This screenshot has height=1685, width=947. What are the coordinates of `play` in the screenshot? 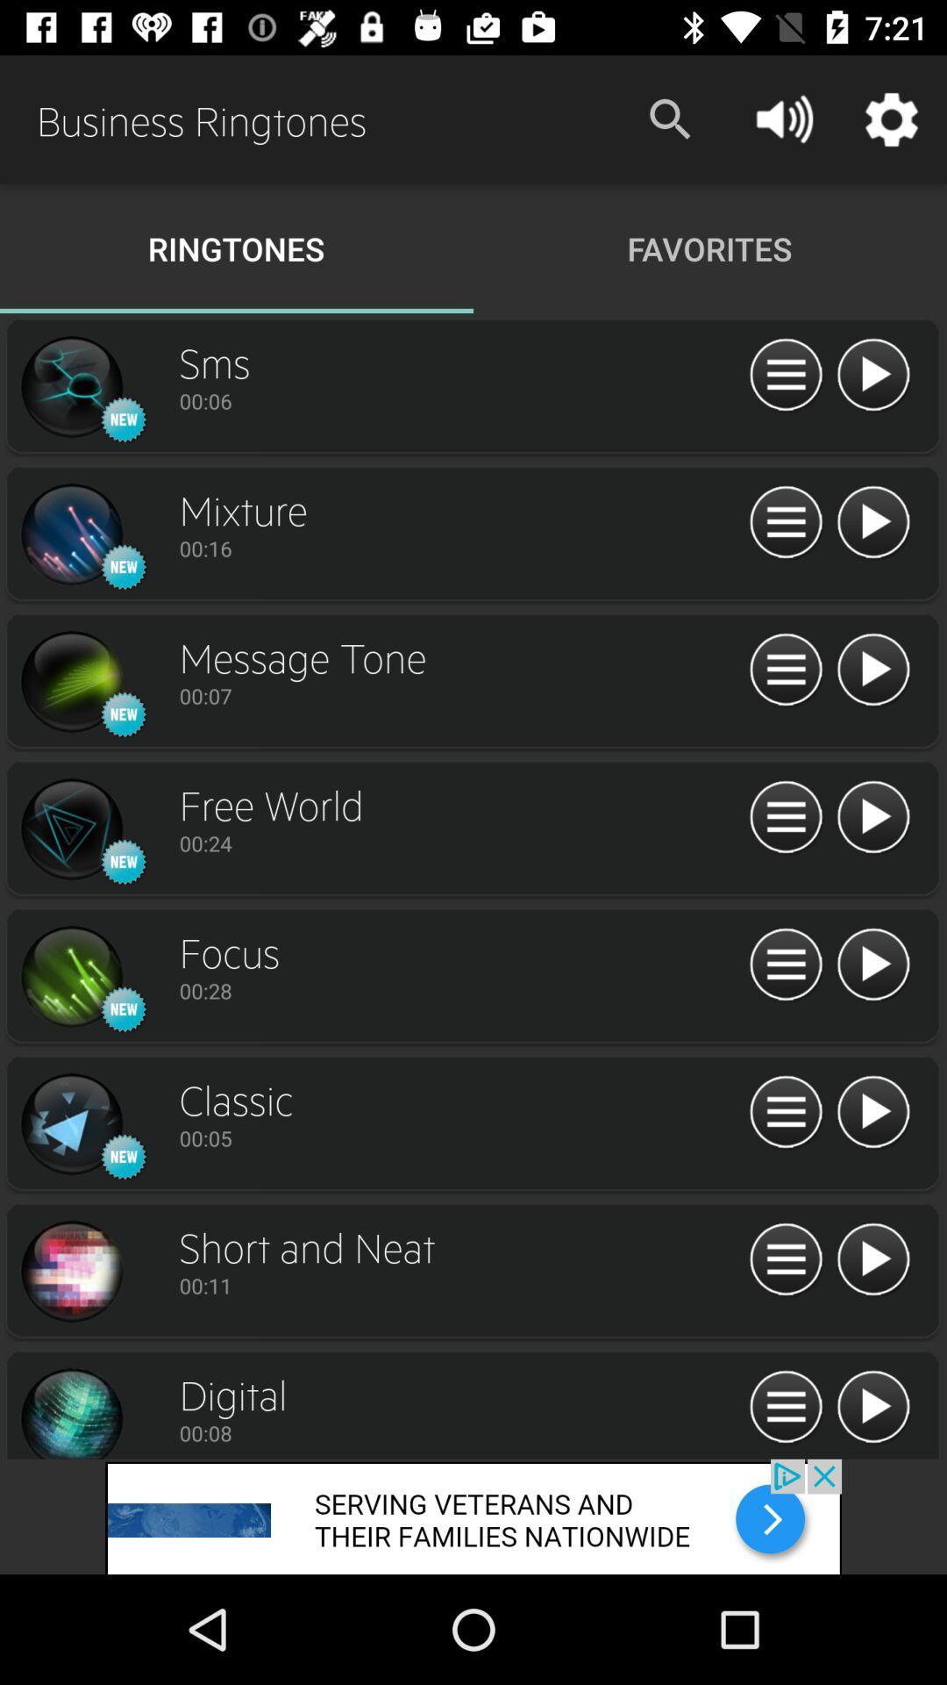 It's located at (872, 670).